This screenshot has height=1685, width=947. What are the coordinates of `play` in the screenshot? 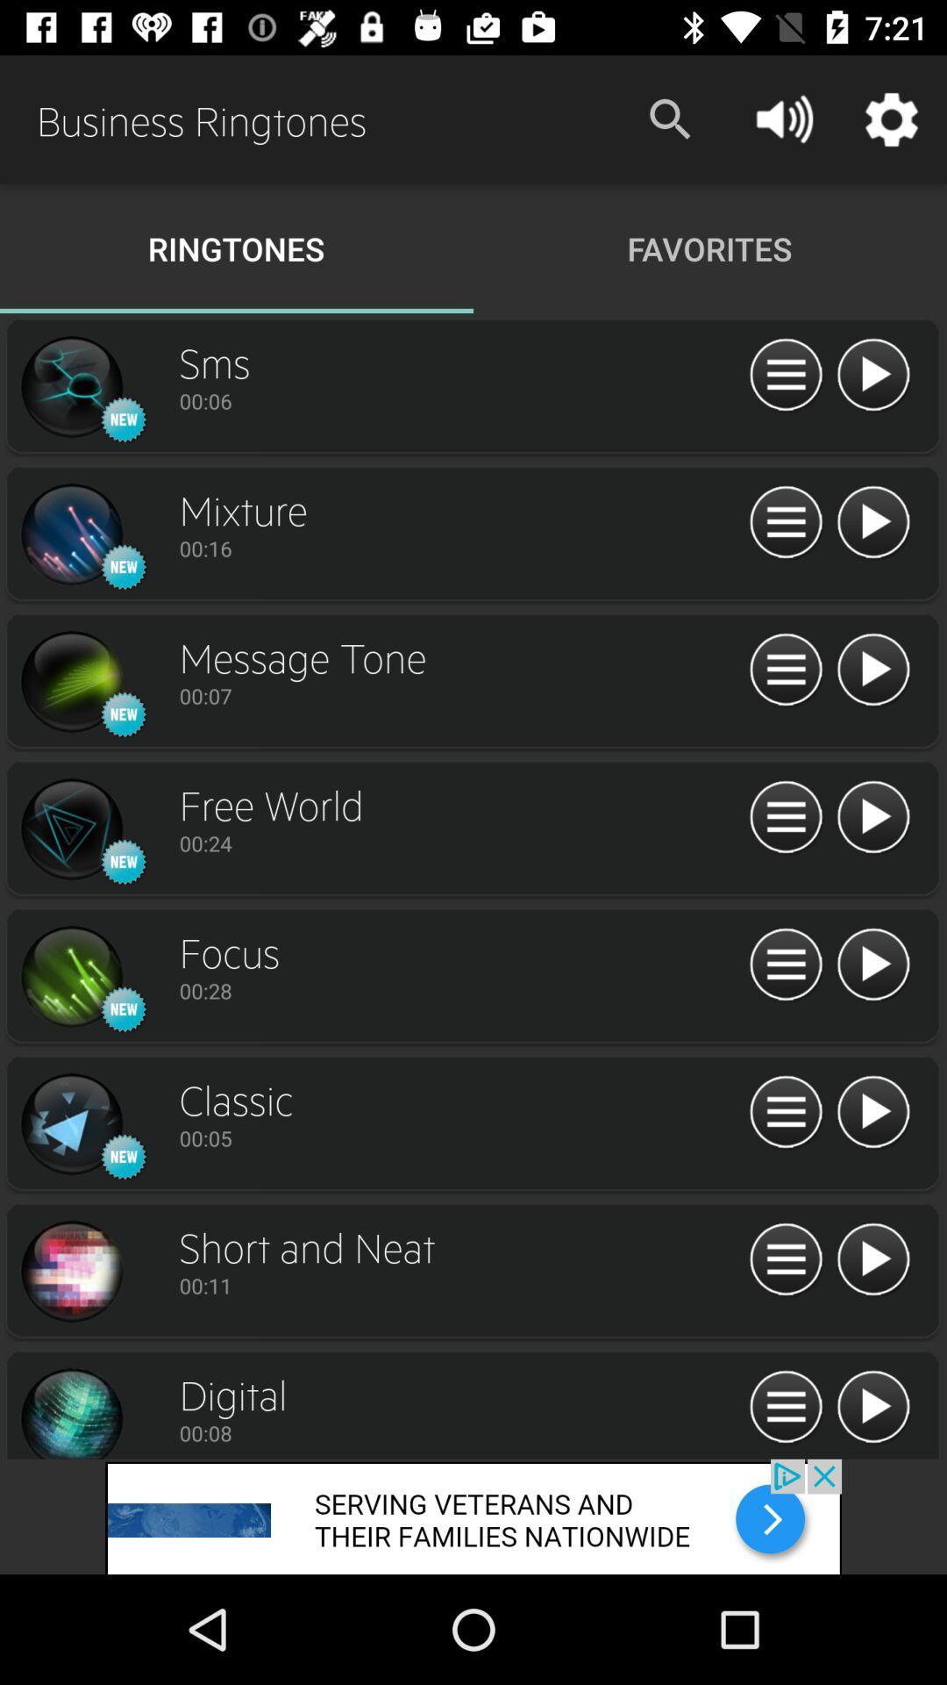 It's located at (872, 670).